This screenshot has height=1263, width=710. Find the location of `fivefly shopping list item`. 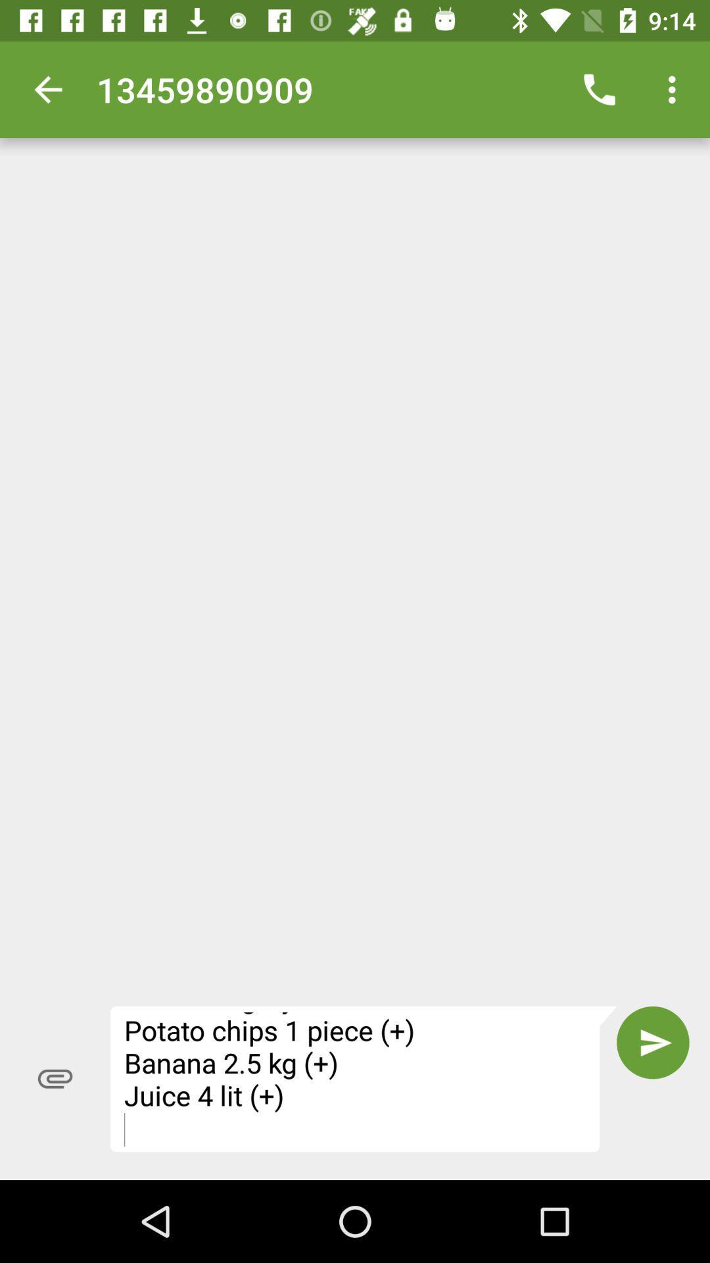

fivefly shopping list item is located at coordinates (364, 1079).